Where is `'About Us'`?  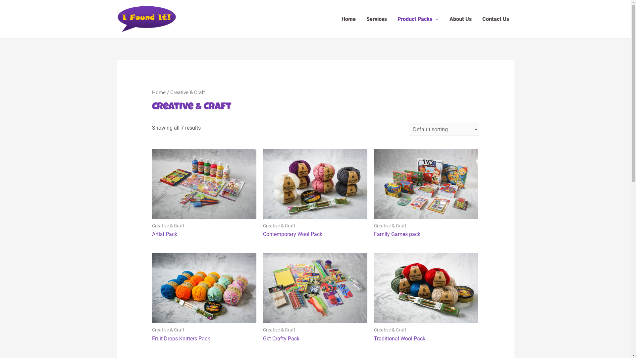
'About Us' is located at coordinates (444, 19).